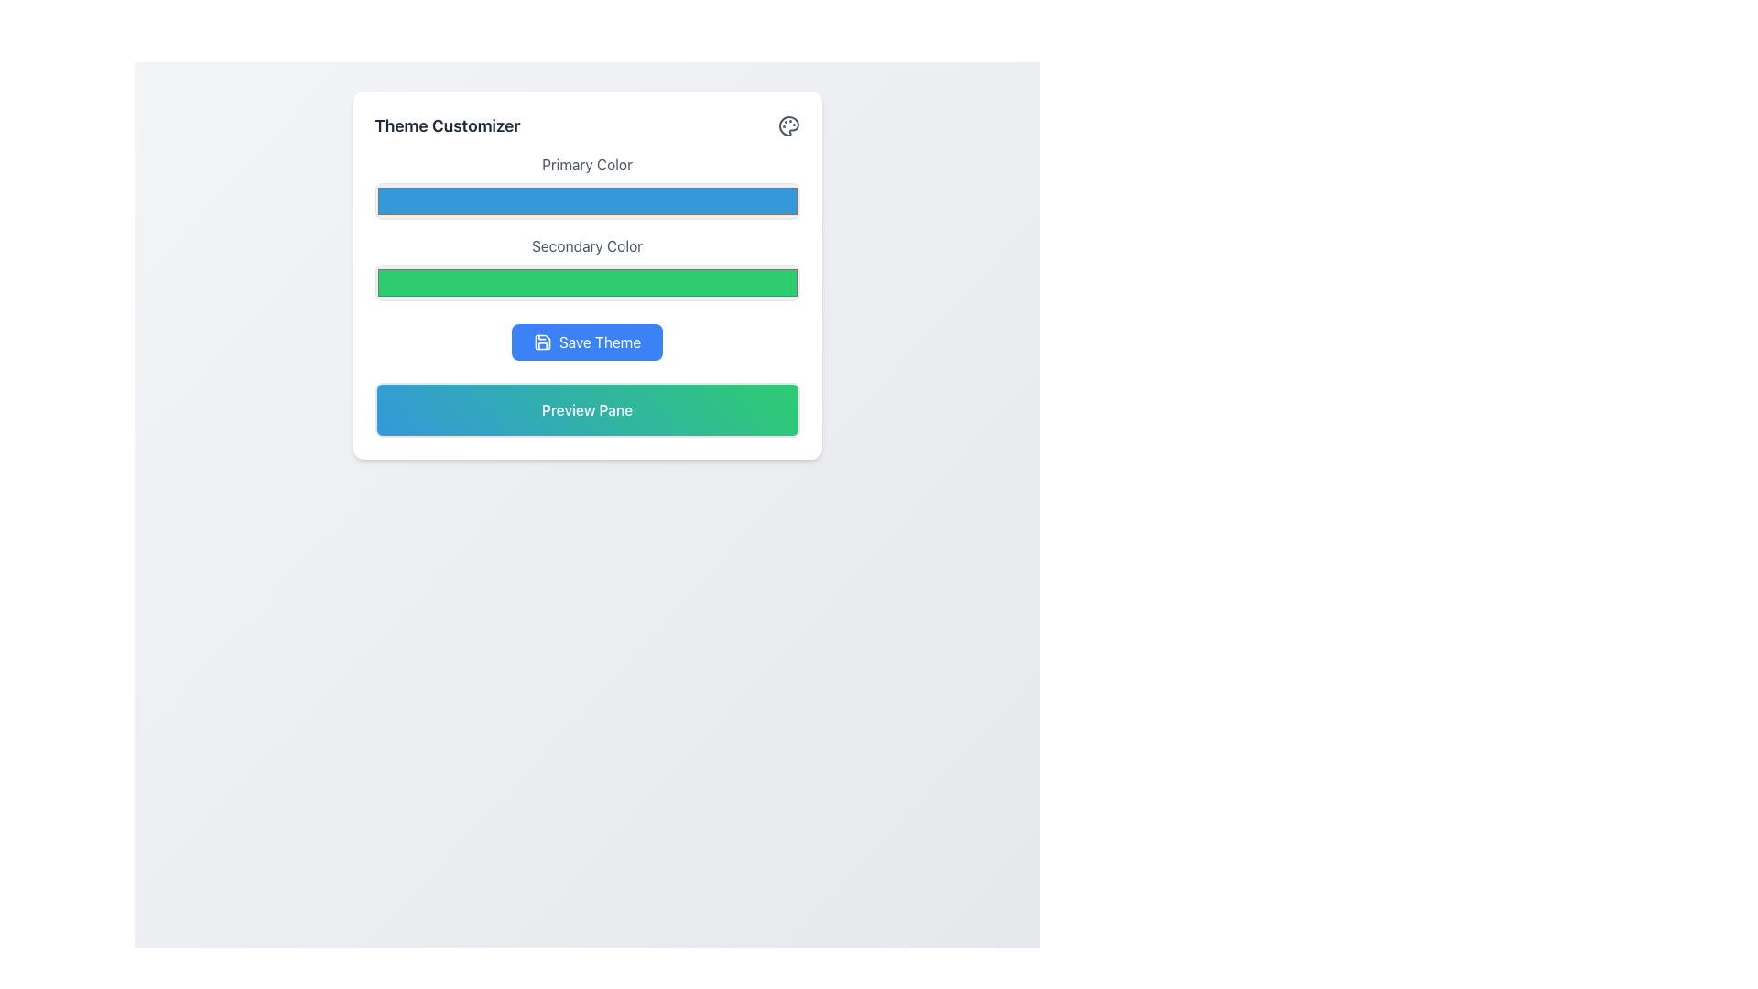 The height and width of the screenshot is (989, 1758). I want to click on the text label that describes the purpose of the associated color input field, which is positioned above the color input field in the theme customization panel, so click(587, 165).